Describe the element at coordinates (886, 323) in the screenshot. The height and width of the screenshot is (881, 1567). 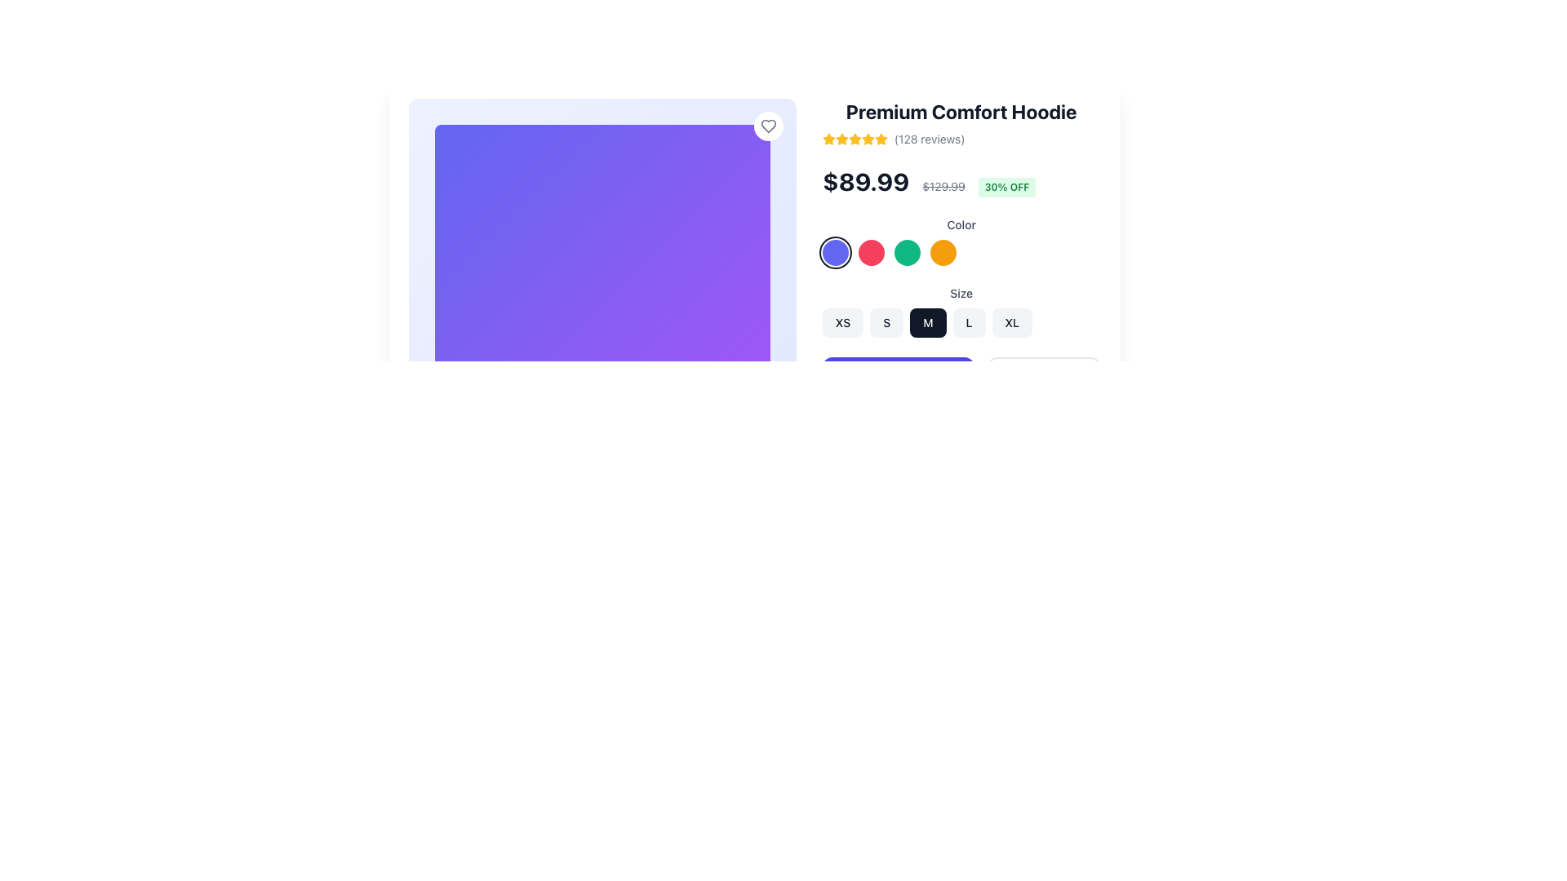
I see `the 'S' size selection button, which is the second button in a series of size buttons (XS, S, M, L, XL) located beneath the 'Size' label` at that location.